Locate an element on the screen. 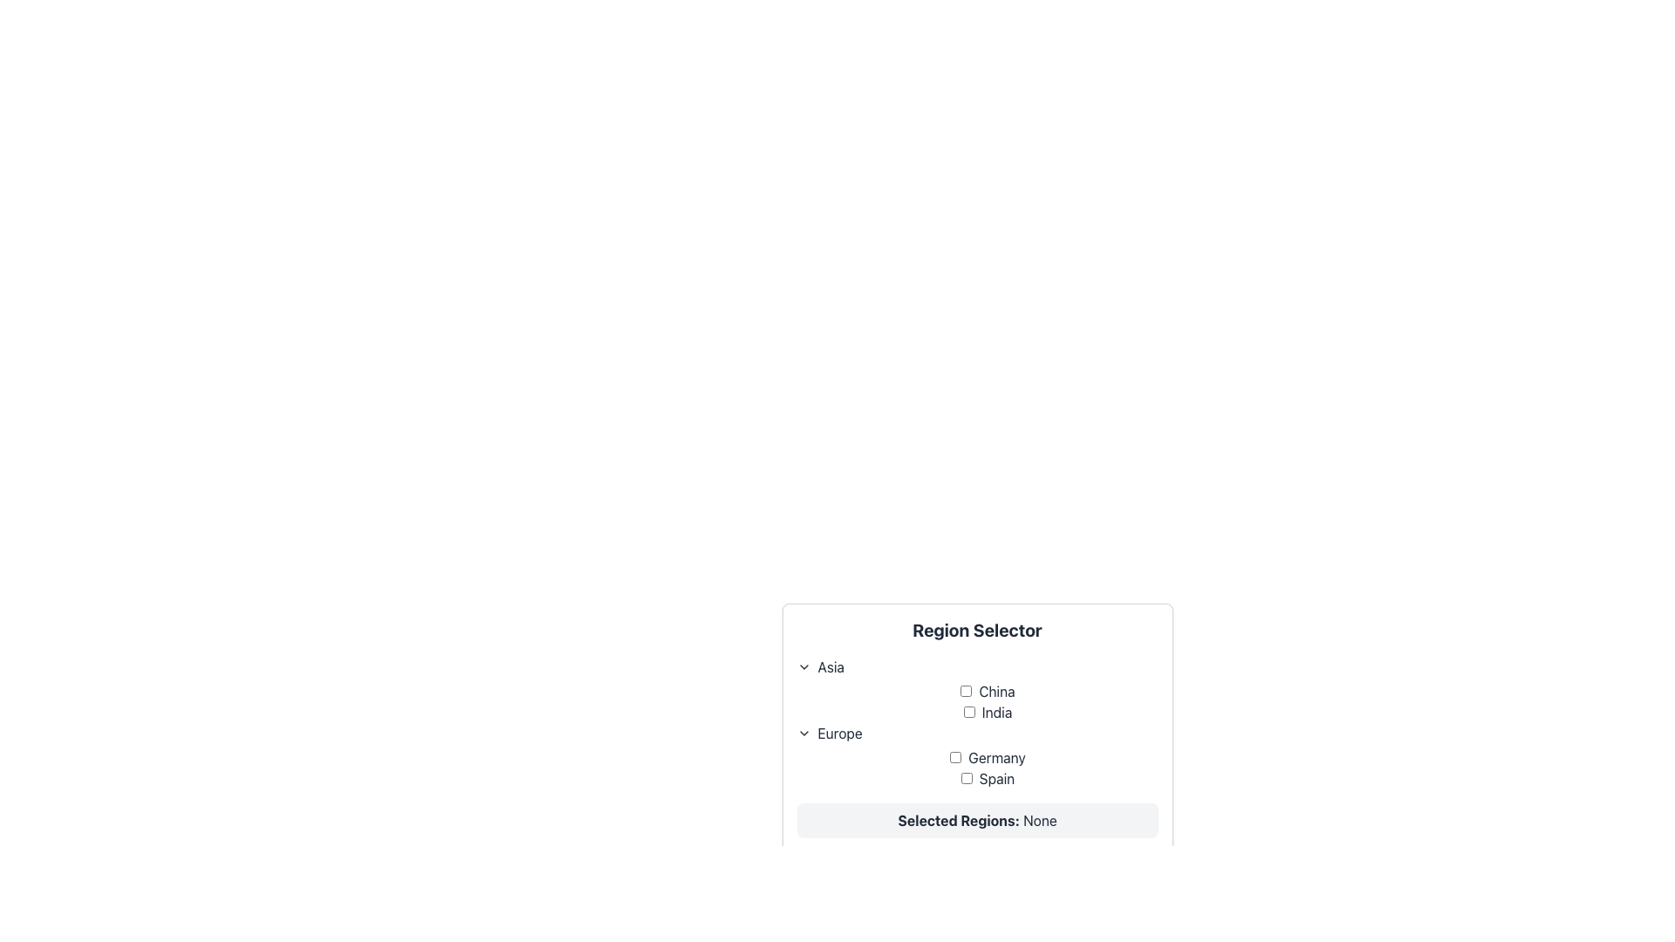  the checkbox located below the label 'Germany' and to the left of the text 'Spain' in the 'Europe' section of the Region Selector interface is located at coordinates (966, 777).